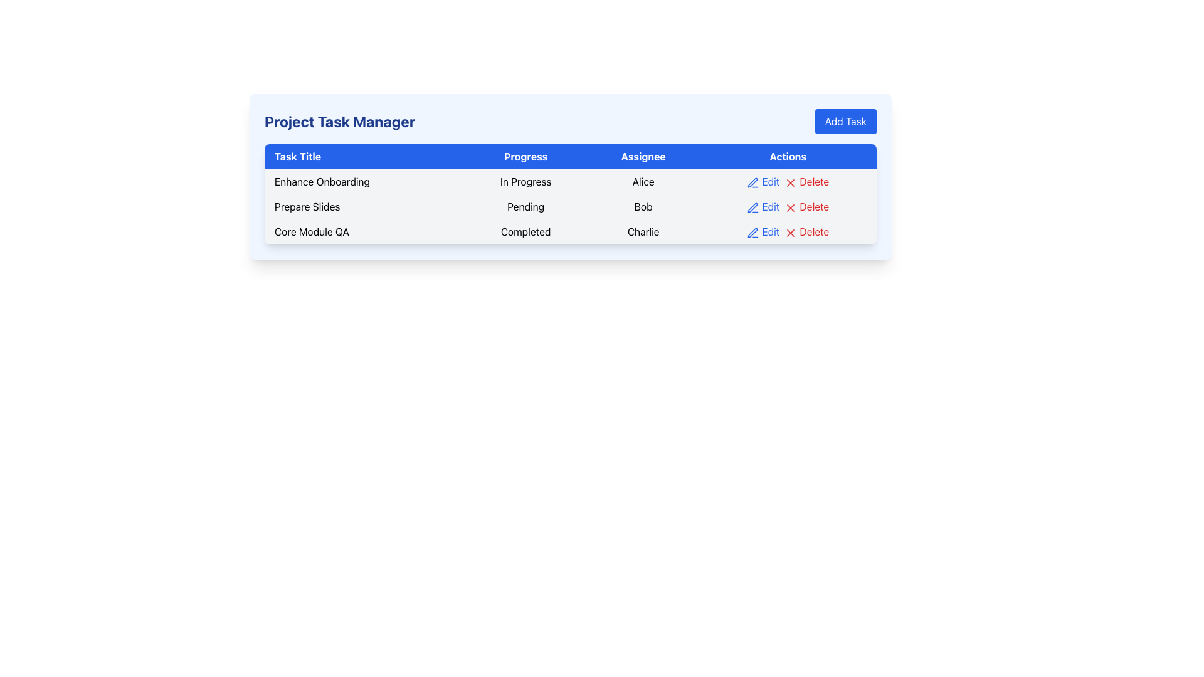 The height and width of the screenshot is (677, 1204). I want to click on the pen icon with a blue outline located next to the 'Edit' label in the Actions column of the task management table for the task titled 'Prepare Slides', so click(752, 207).